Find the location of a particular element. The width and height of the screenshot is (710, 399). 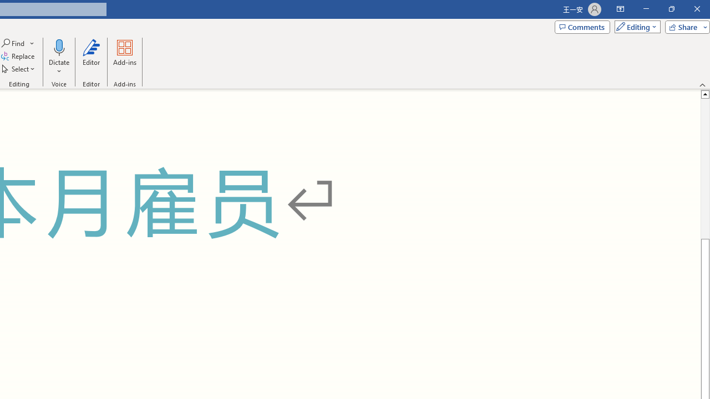

'Share' is located at coordinates (684, 26).